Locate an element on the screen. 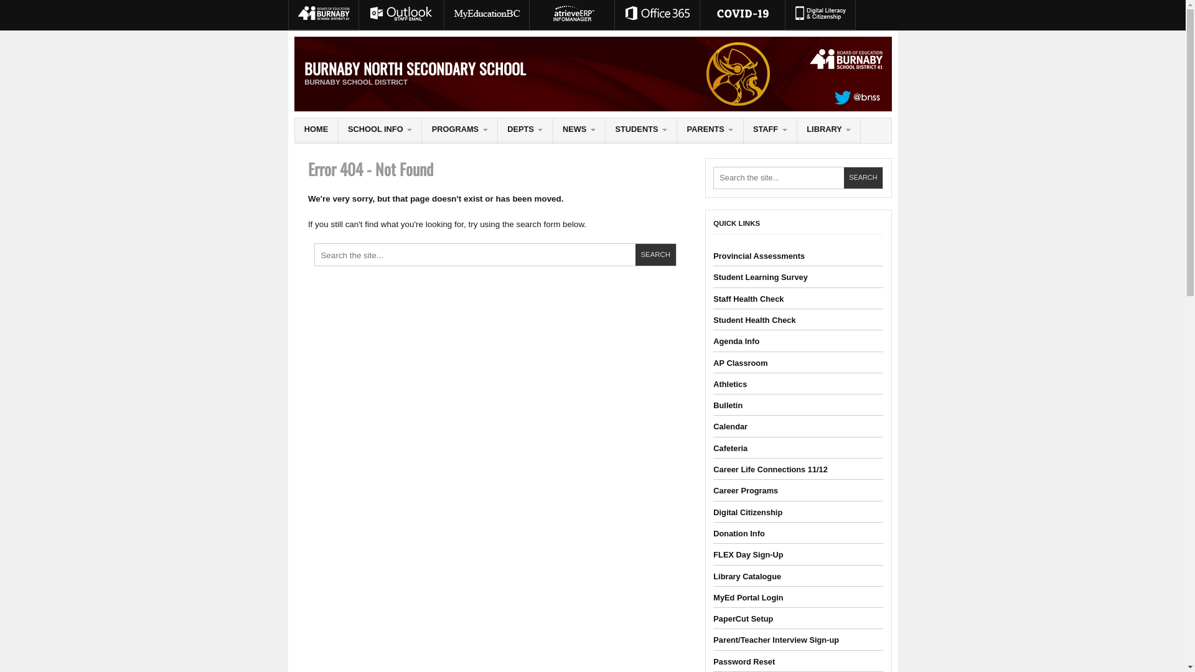 This screenshot has width=1195, height=672. 'Library Catalogue' is located at coordinates (713, 576).